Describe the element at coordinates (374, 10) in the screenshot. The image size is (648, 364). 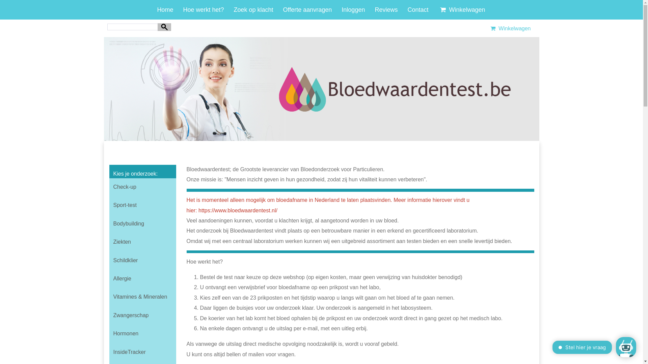
I see `'Reviews'` at that location.